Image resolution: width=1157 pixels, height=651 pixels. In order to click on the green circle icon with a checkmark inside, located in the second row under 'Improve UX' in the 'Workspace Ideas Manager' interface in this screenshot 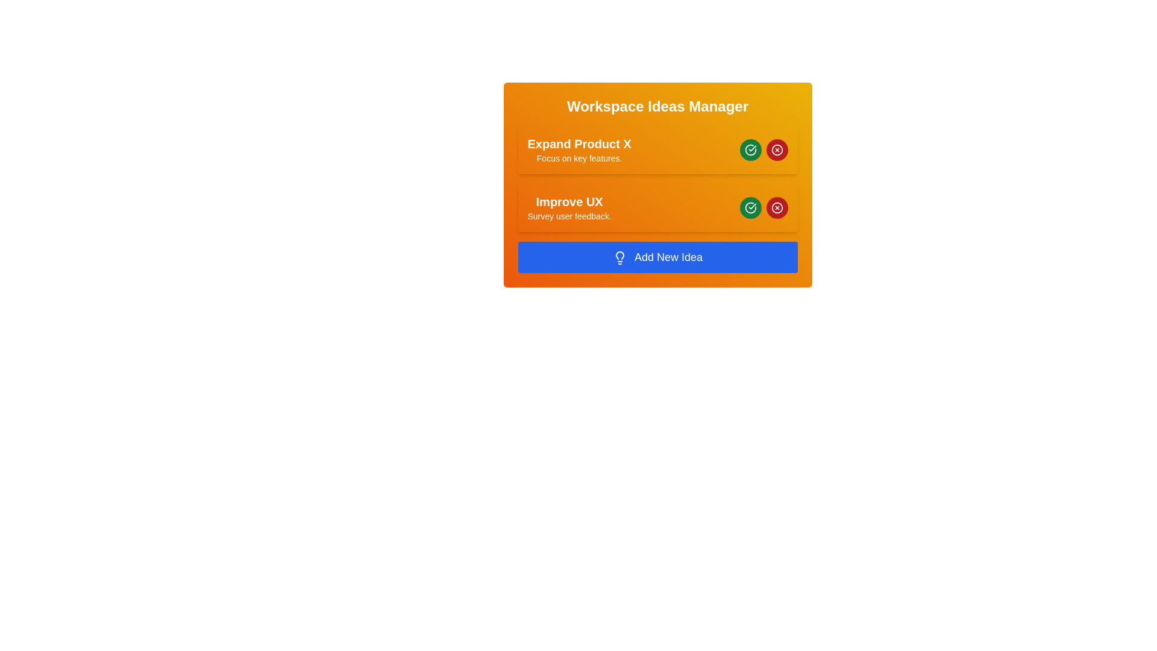, I will do `click(750, 207)`.